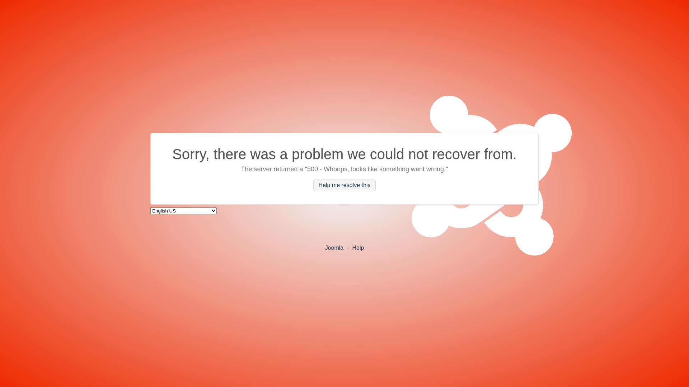 The image size is (689, 387). Describe the element at coordinates (358, 247) in the screenshot. I see `'Help'` at that location.